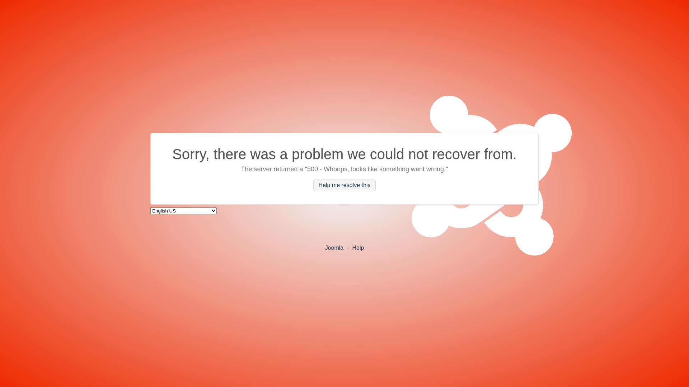 The image size is (689, 387). Describe the element at coordinates (358, 247) in the screenshot. I see `'Help'` at that location.